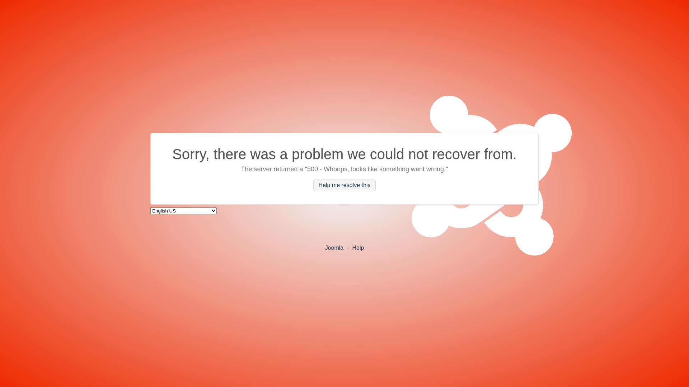 The image size is (689, 387). Describe the element at coordinates (358, 247) in the screenshot. I see `'Help'` at that location.